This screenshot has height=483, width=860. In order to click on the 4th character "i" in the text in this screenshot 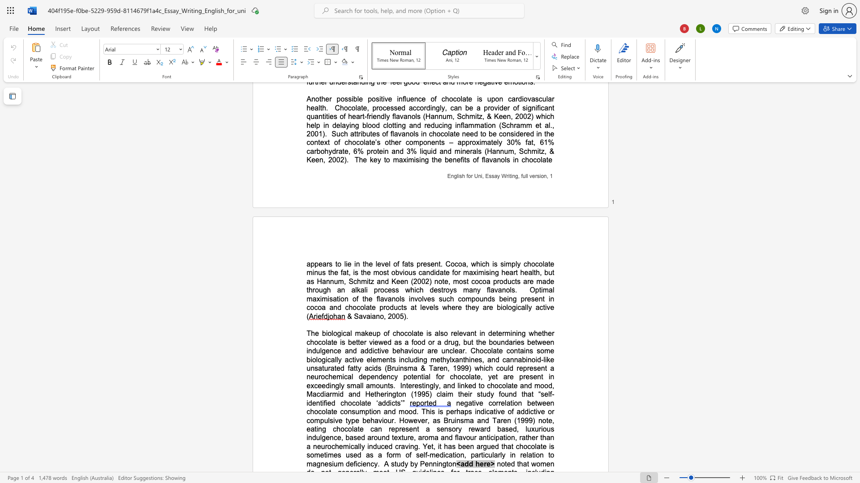, I will do `click(339, 299)`.